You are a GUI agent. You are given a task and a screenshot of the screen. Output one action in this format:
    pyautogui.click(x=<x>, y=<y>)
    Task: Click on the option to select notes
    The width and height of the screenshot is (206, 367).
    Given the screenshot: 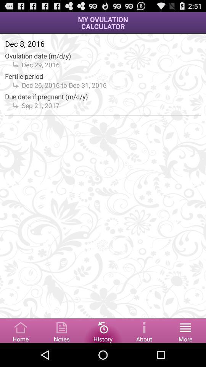 What is the action you would take?
    pyautogui.click(x=61, y=330)
    